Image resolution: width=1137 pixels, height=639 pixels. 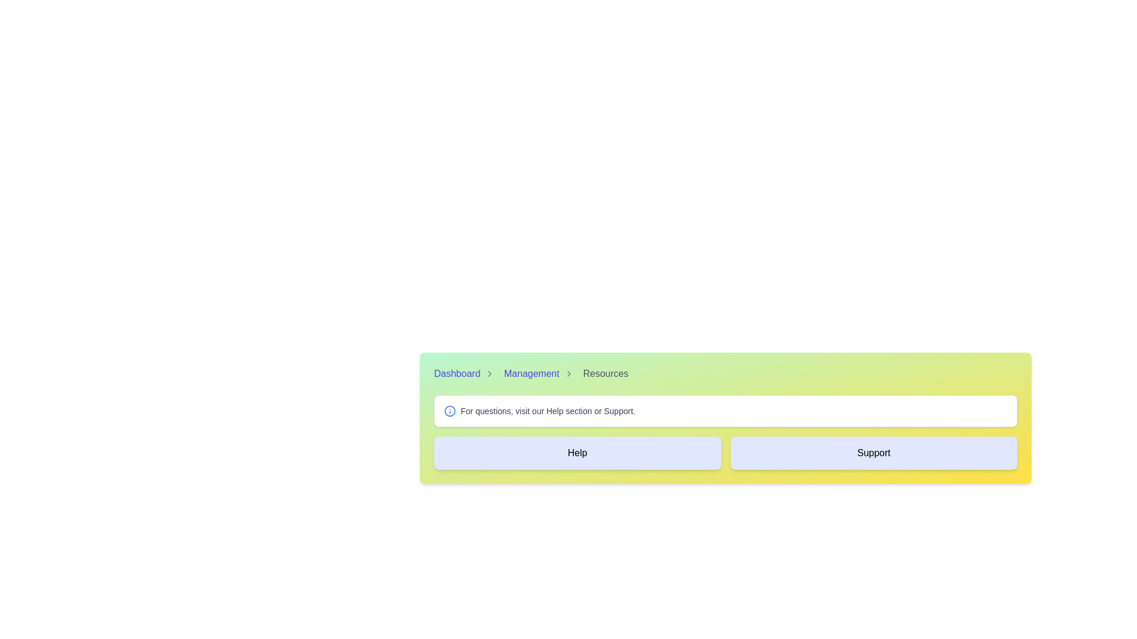 I want to click on the 'Management' hyperlink in the breadcrumb navigation bar to activate the underline effect, so click(x=531, y=374).